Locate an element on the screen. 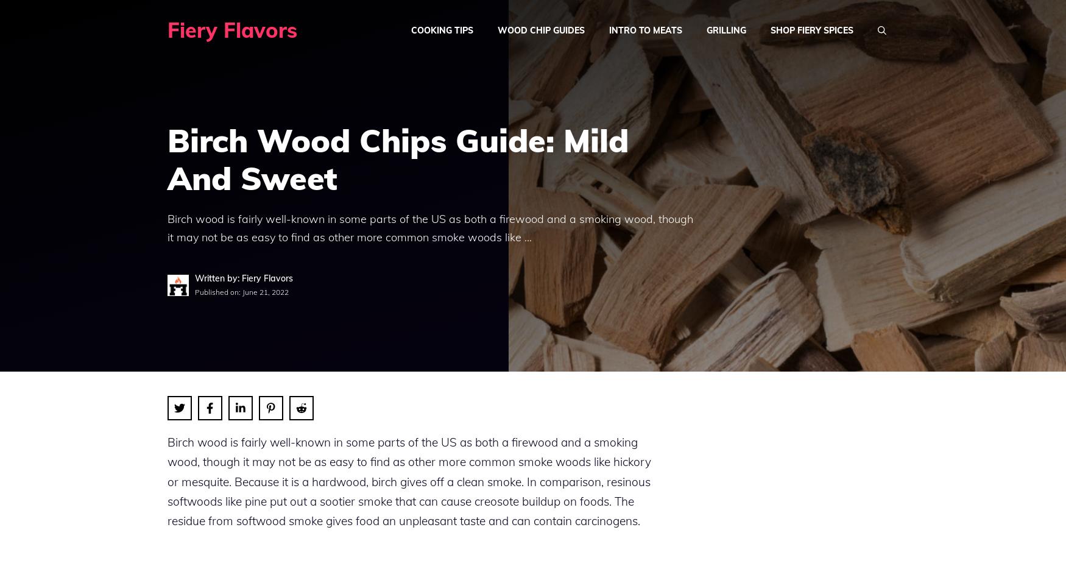 This screenshot has height=583, width=1066. 'Written by: Fiery Flavors' is located at coordinates (243, 277).